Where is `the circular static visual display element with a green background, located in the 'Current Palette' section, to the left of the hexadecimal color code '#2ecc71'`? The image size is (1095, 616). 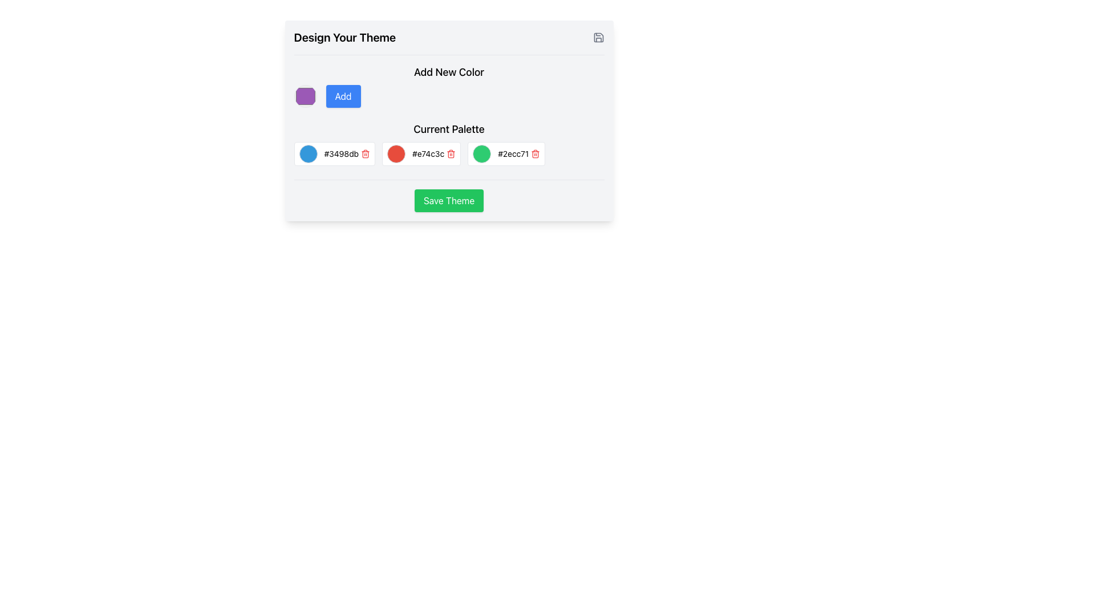
the circular static visual display element with a green background, located in the 'Current Palette' section, to the left of the hexadecimal color code '#2ecc71' is located at coordinates (482, 154).